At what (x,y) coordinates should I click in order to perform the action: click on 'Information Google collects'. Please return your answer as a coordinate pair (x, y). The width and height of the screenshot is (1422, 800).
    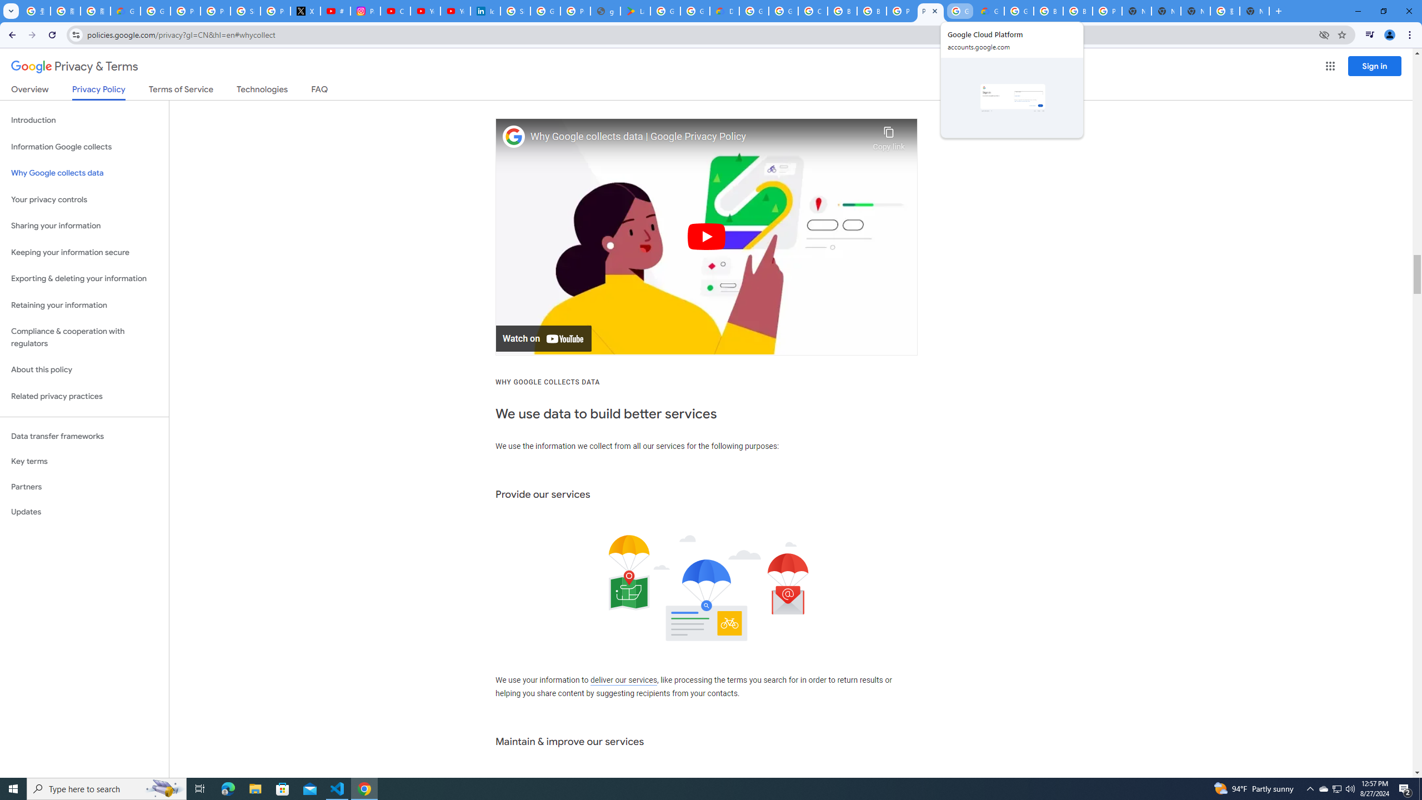
    Looking at the image, I should click on (84, 147).